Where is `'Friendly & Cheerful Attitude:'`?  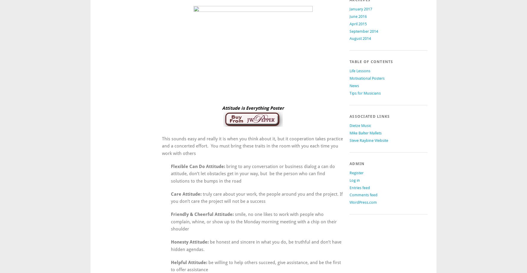 'Friendly & Cheerful Attitude:' is located at coordinates (202, 214).